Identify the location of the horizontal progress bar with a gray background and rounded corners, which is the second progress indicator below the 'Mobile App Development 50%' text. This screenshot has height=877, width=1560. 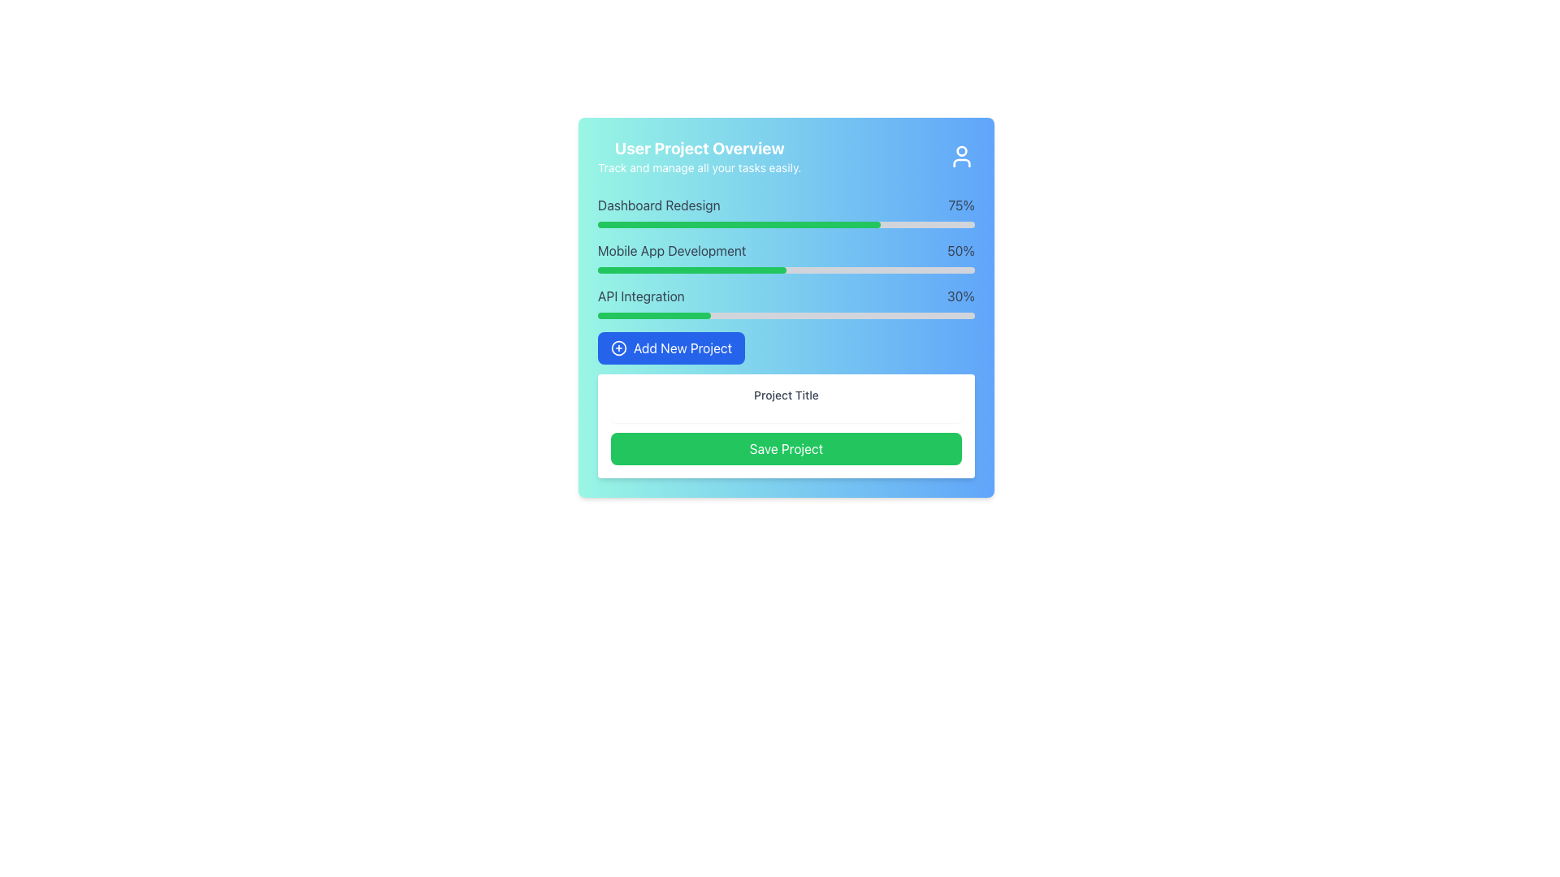
(786, 269).